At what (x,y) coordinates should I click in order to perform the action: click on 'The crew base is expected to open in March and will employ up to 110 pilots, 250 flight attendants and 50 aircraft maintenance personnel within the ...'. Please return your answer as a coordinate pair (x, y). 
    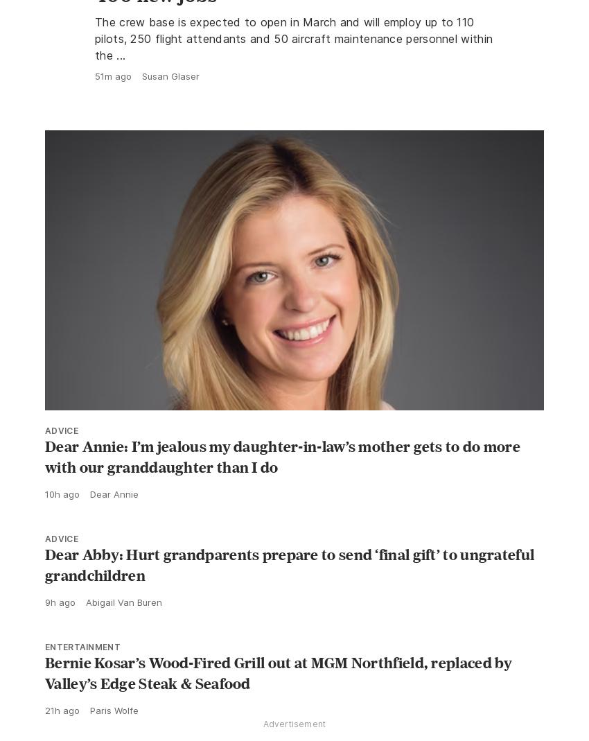
    Looking at the image, I should click on (95, 68).